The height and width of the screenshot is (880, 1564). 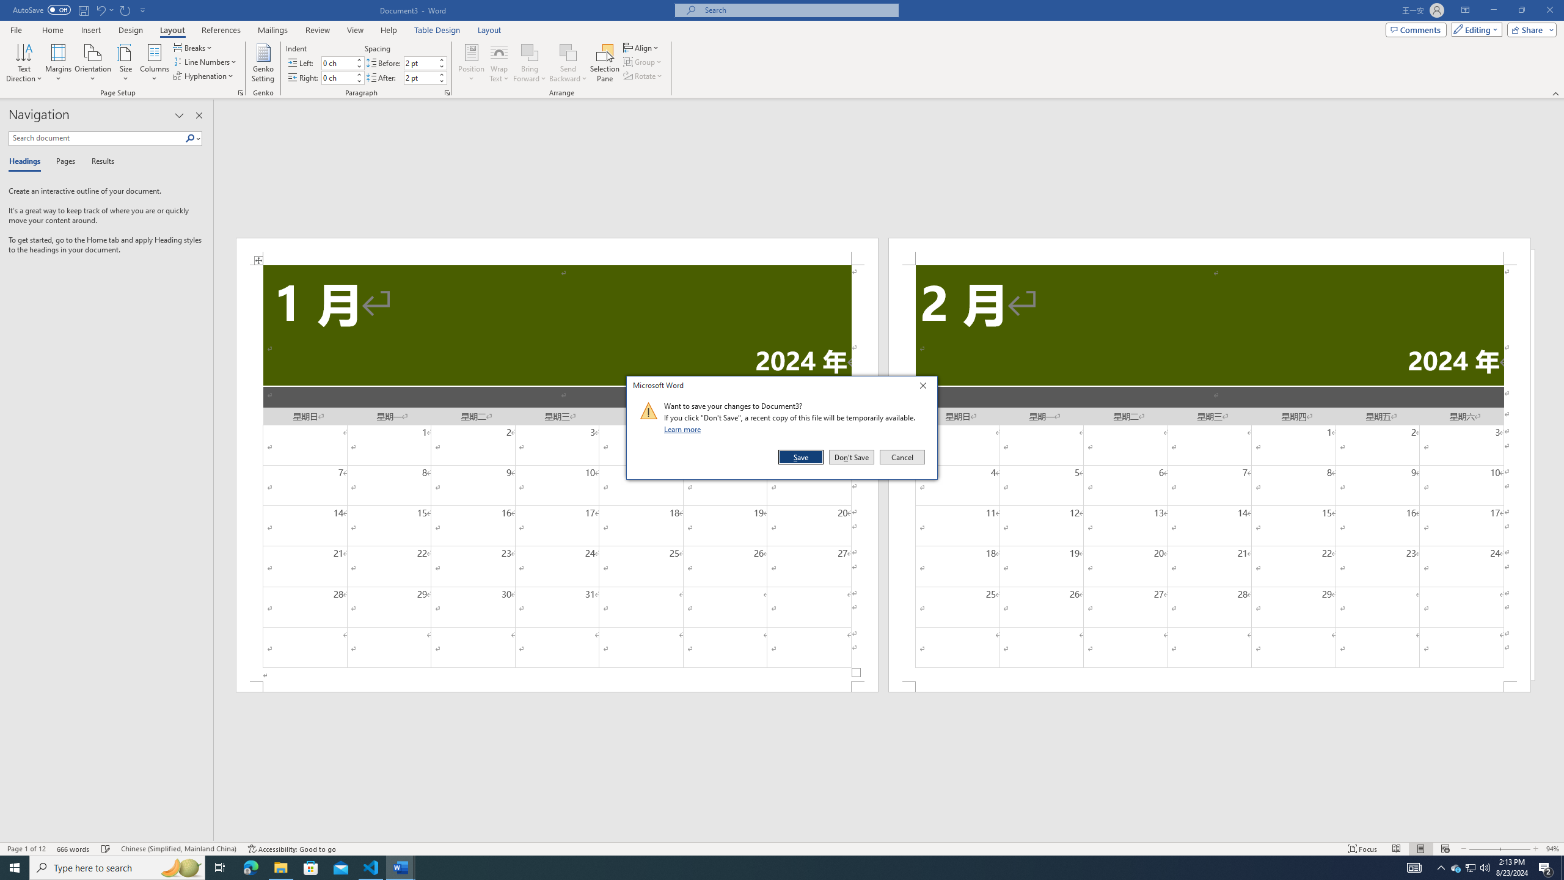 I want to click on 'Task View', so click(x=219, y=867).